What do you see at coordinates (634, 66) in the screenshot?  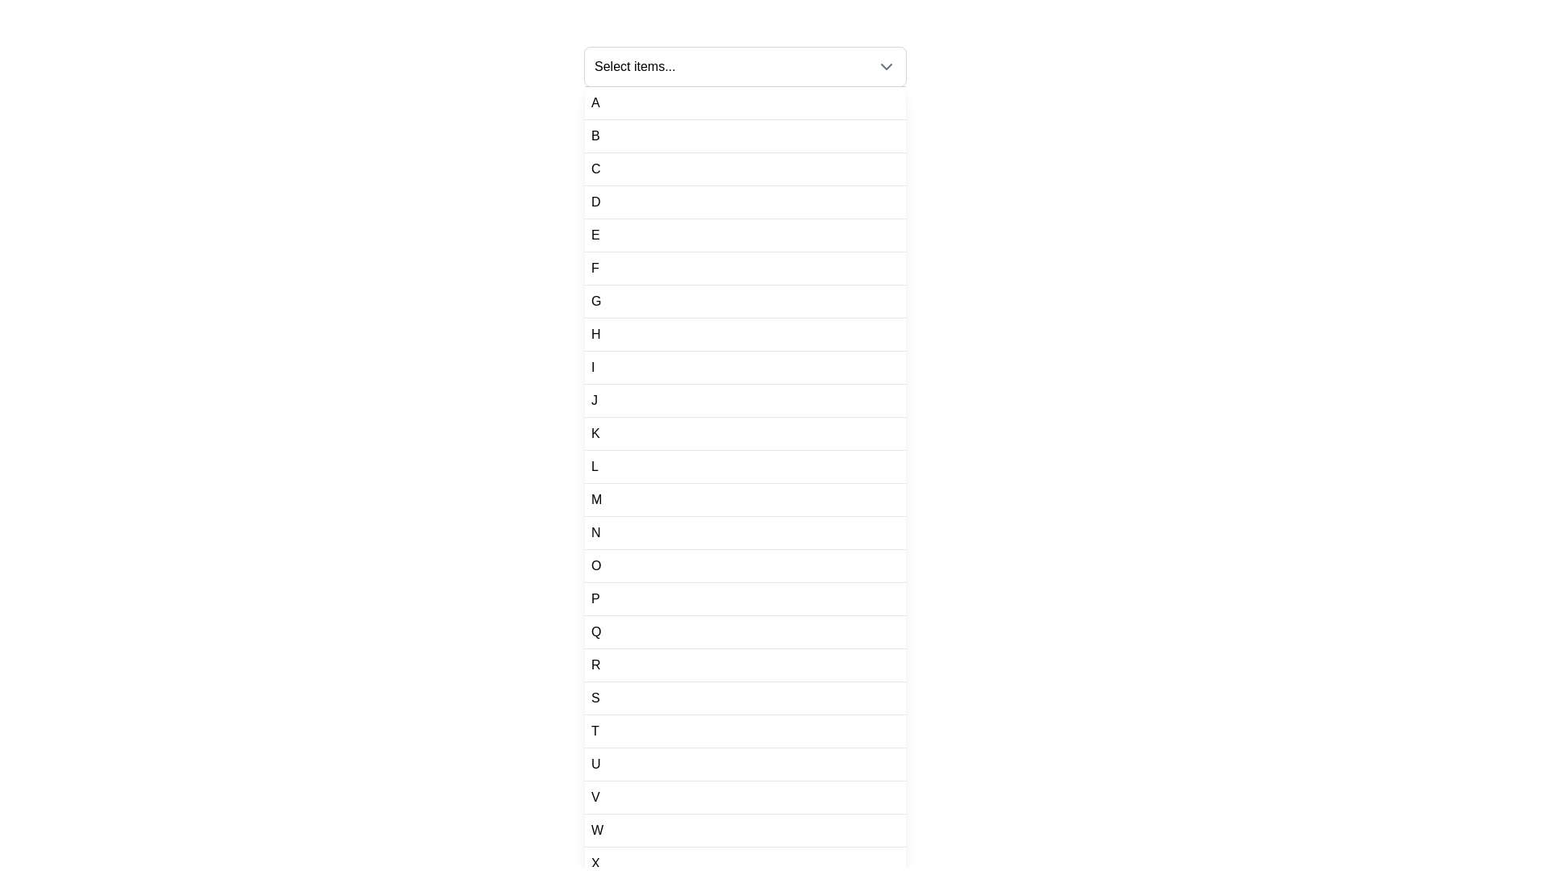 I see `the static text label that indicates a dropdown menu selection, located at the top-left corner of the application interface` at bounding box center [634, 66].